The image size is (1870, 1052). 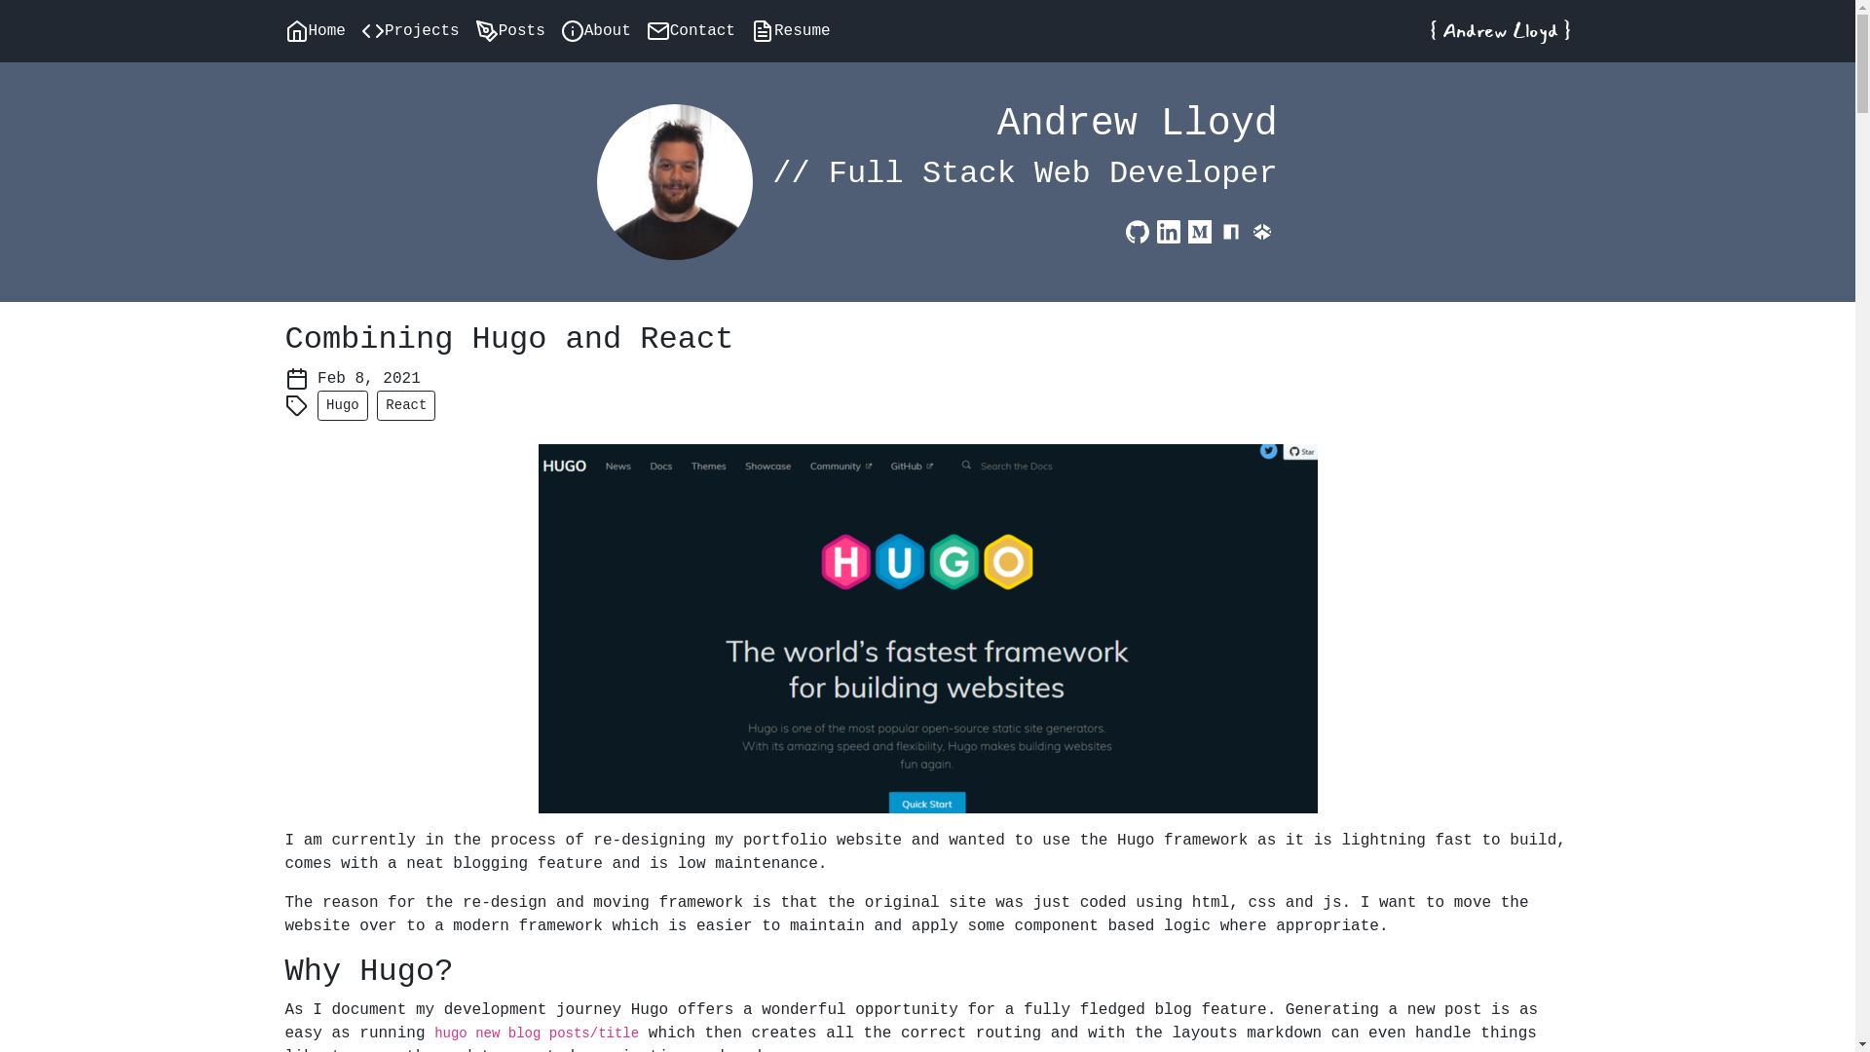 I want to click on 'About', so click(x=560, y=30).